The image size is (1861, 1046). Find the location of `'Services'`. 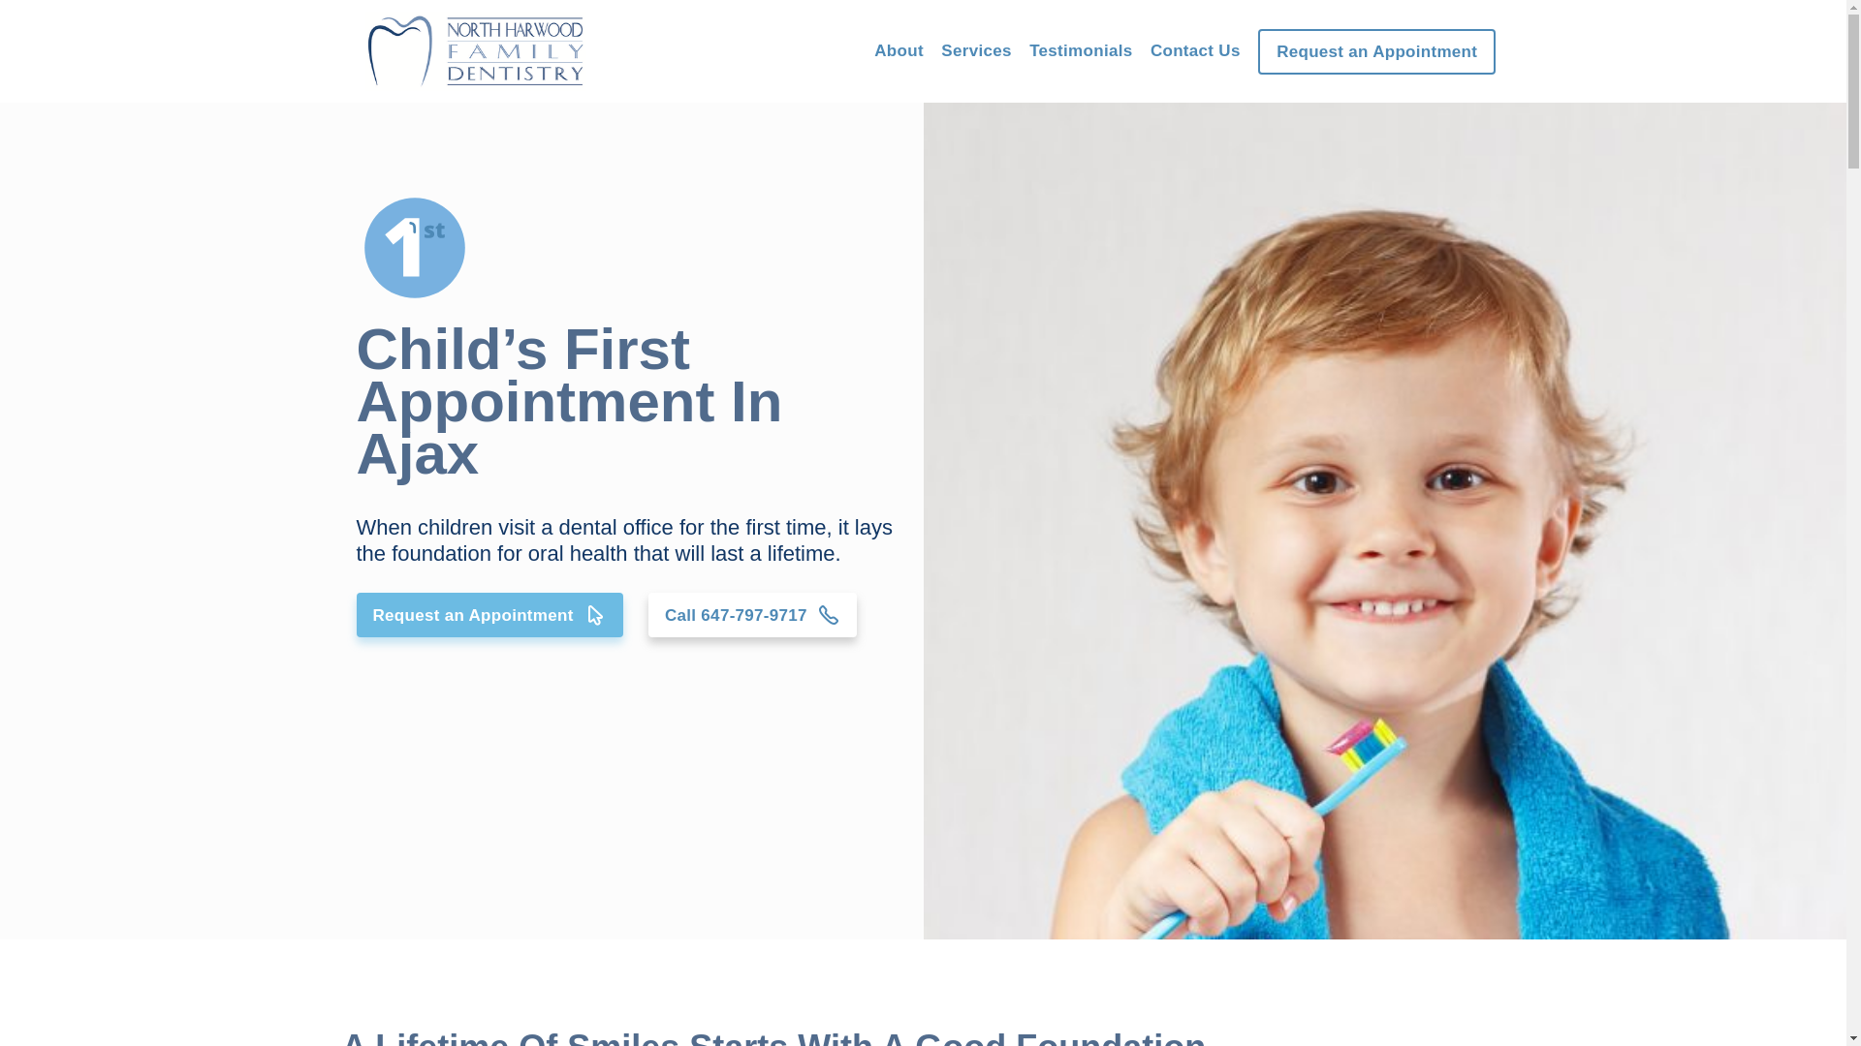

'Services' is located at coordinates (976, 50).